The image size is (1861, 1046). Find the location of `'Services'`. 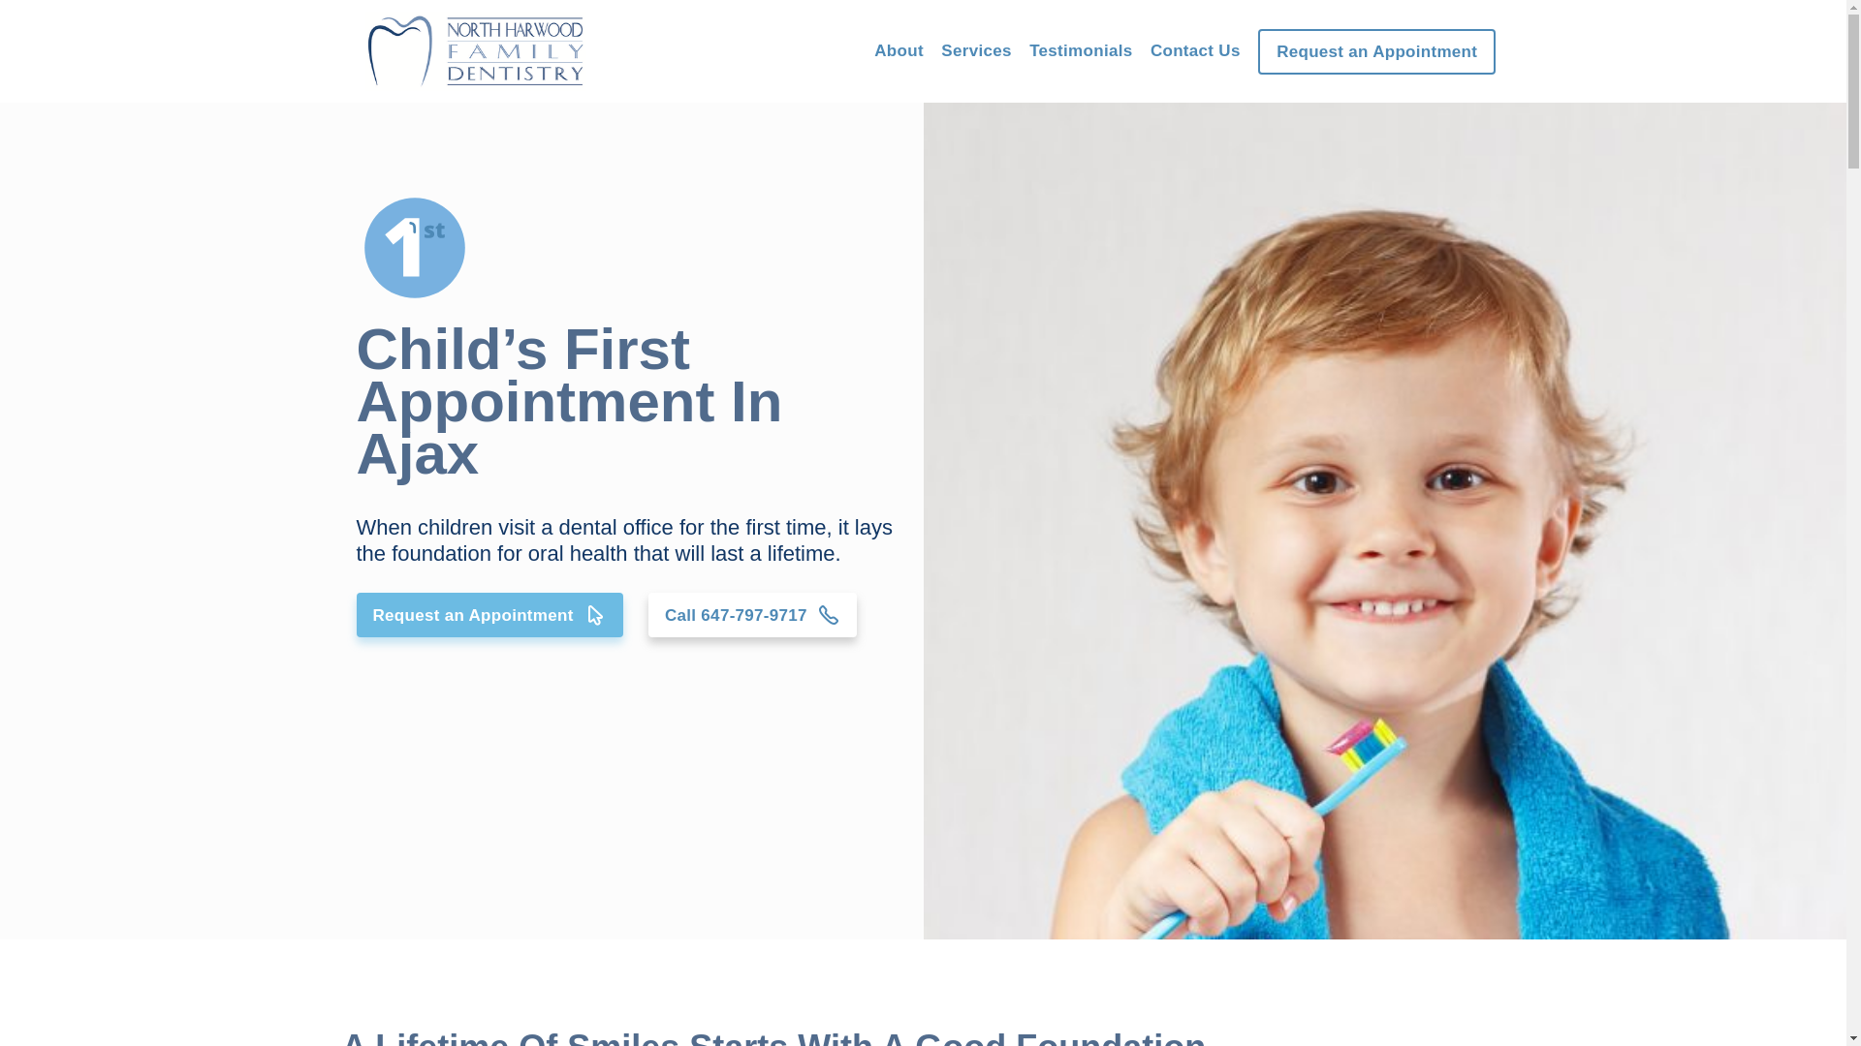

'Services' is located at coordinates (976, 50).